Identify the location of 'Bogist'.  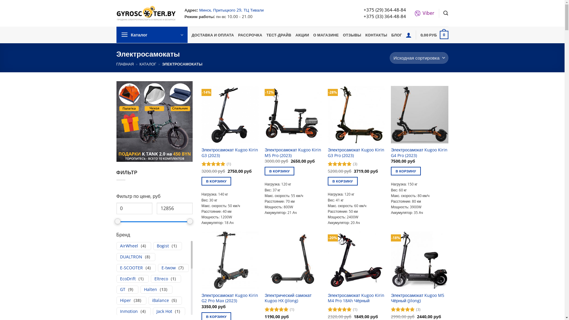
(162, 246).